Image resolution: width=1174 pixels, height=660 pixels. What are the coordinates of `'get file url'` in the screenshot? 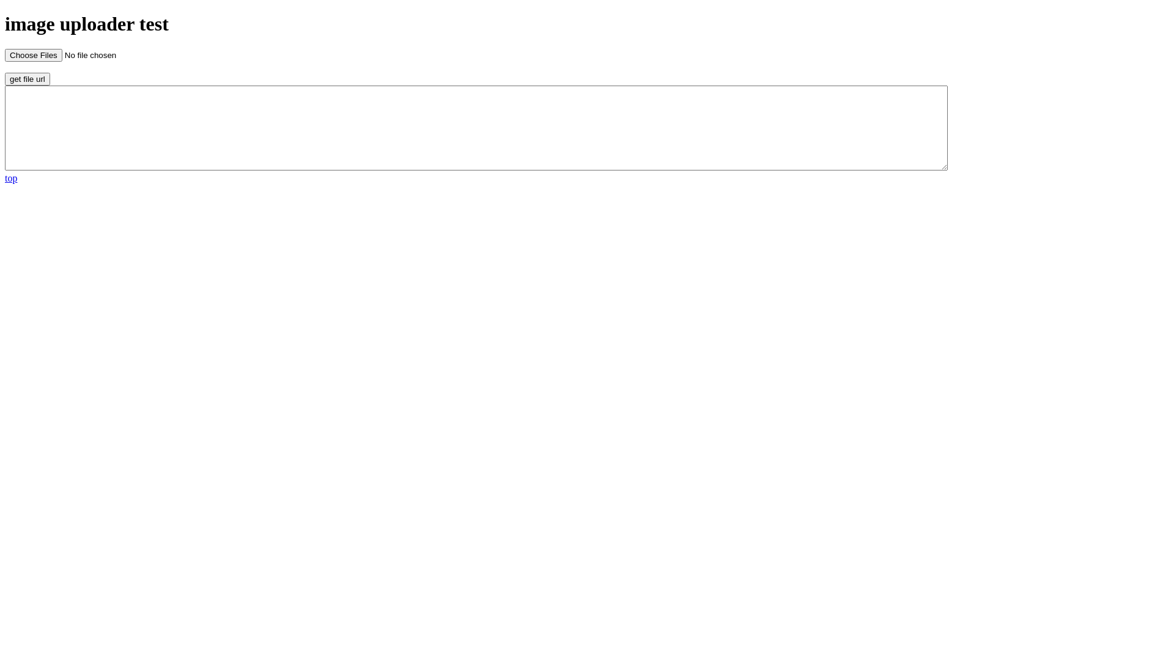 It's located at (27, 79).